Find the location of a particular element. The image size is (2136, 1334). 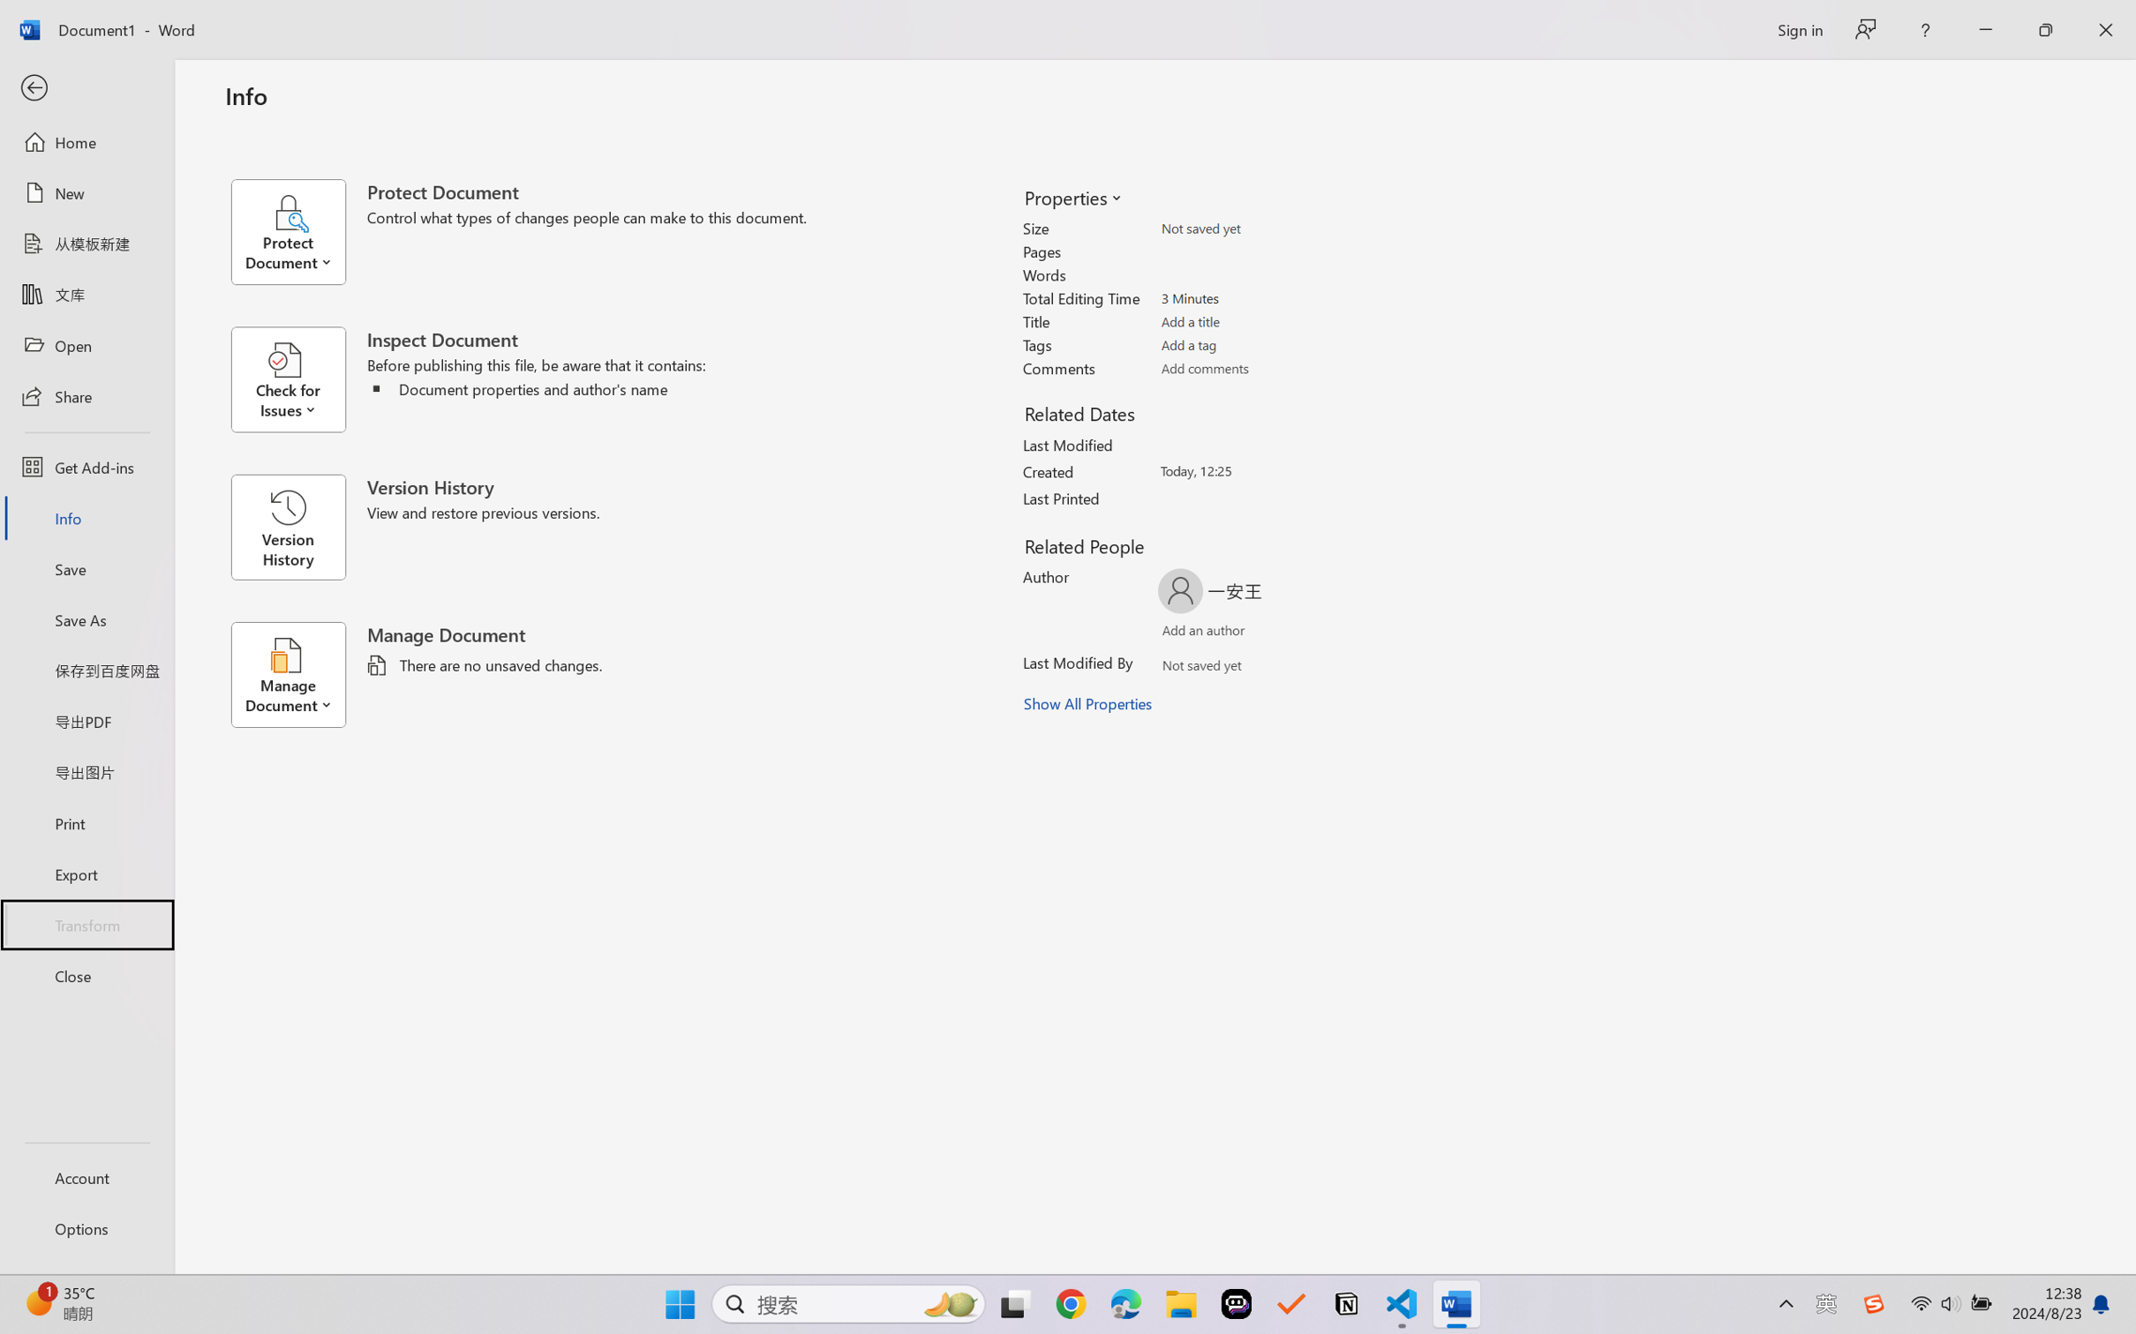

'Add an author' is located at coordinates (1186, 633).